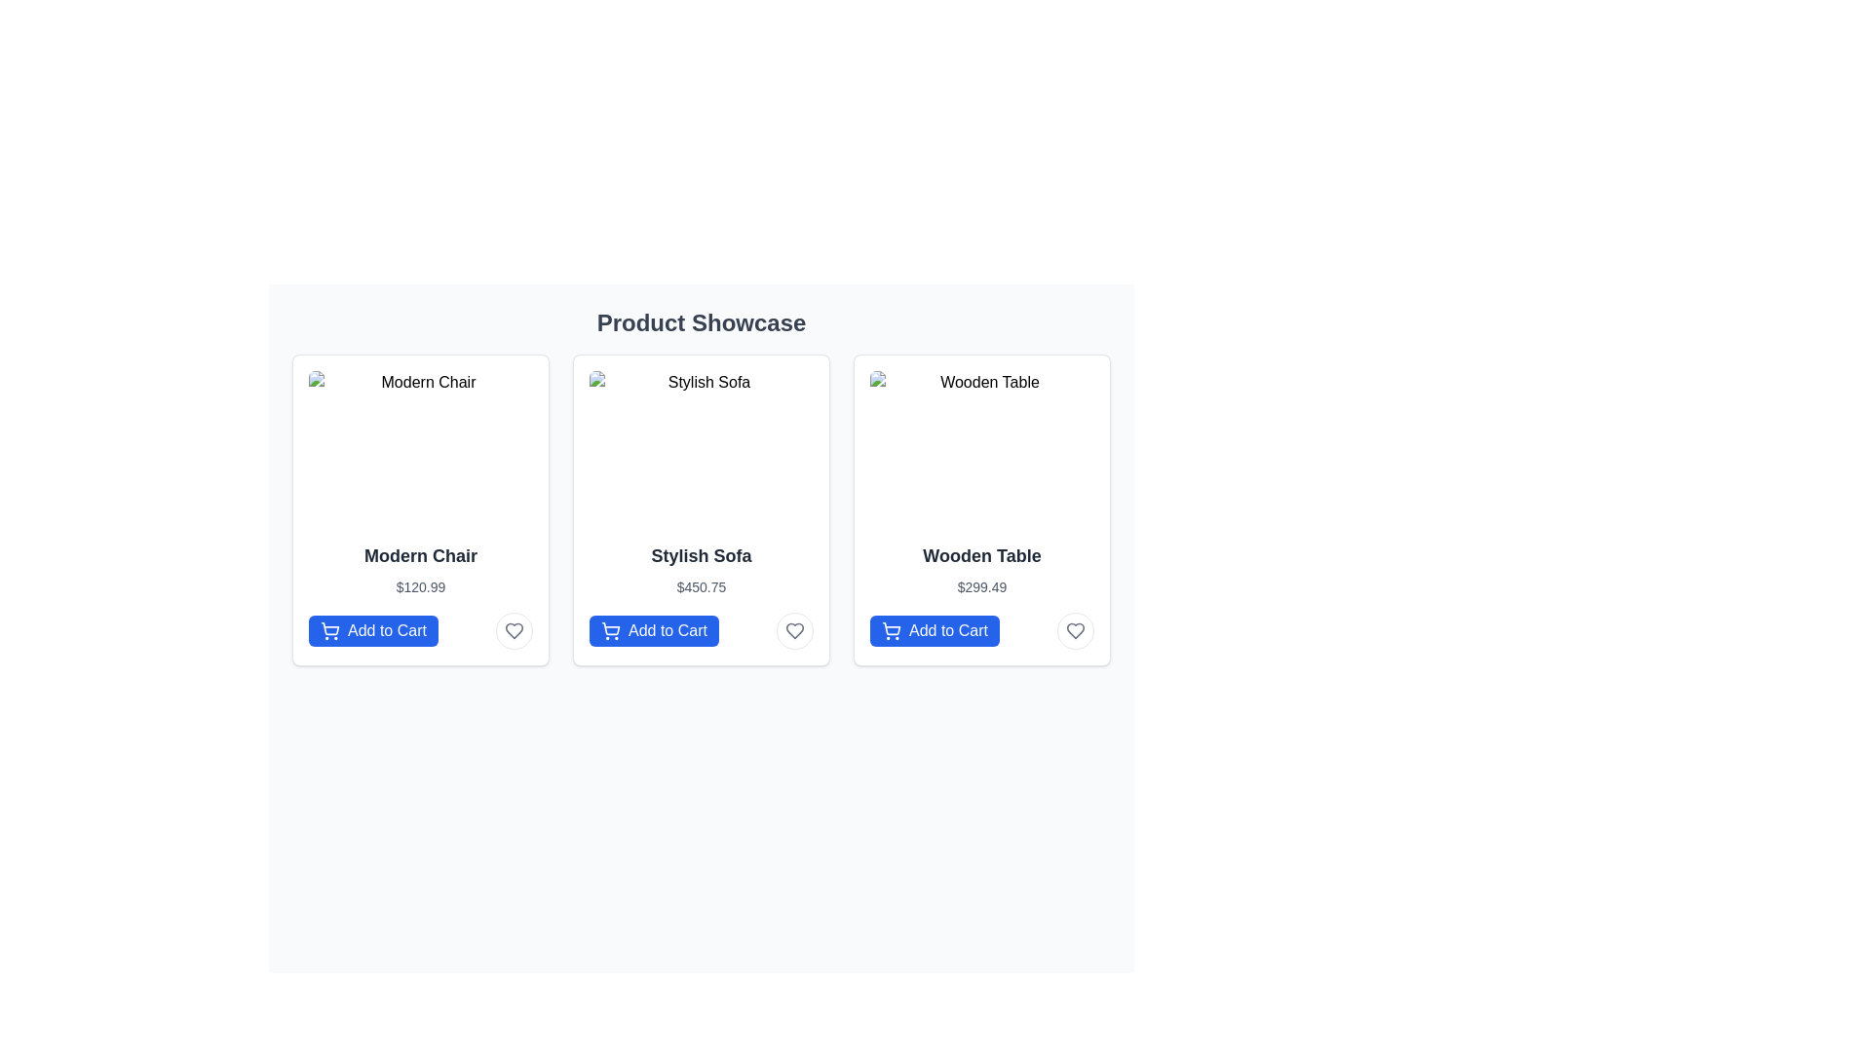 The width and height of the screenshot is (1871, 1052). I want to click on the heart icon located in the bottom-right corner of the product card for 'Modern Chair' to favorite the item, so click(515, 631).